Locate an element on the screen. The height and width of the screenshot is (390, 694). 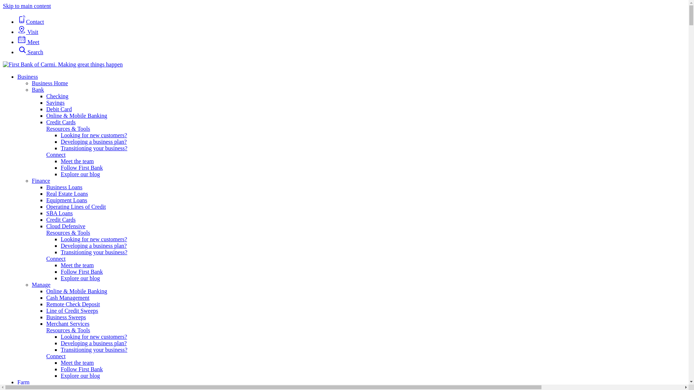
'Credit Cards' is located at coordinates (61, 122).